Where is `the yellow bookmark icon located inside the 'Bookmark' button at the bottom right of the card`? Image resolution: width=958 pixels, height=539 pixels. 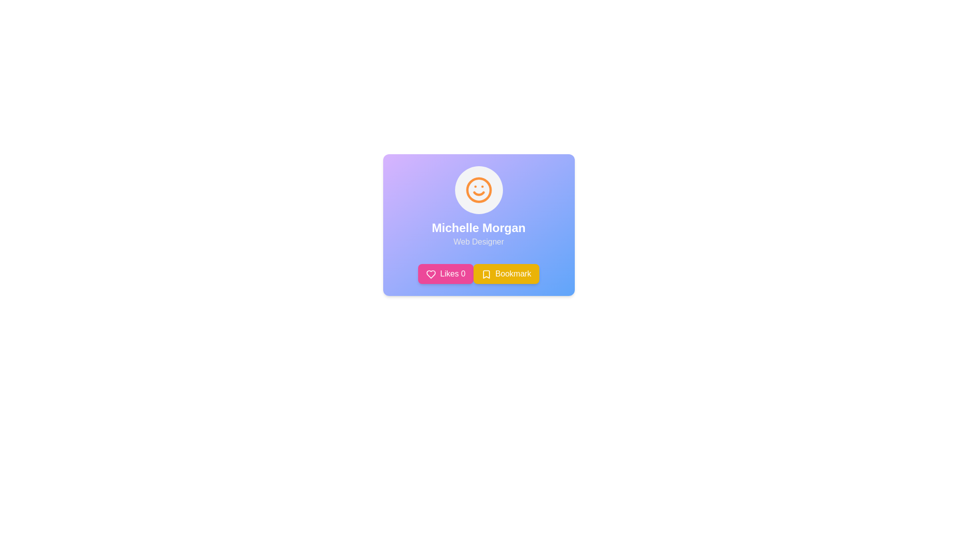 the yellow bookmark icon located inside the 'Bookmark' button at the bottom right of the card is located at coordinates (486, 274).